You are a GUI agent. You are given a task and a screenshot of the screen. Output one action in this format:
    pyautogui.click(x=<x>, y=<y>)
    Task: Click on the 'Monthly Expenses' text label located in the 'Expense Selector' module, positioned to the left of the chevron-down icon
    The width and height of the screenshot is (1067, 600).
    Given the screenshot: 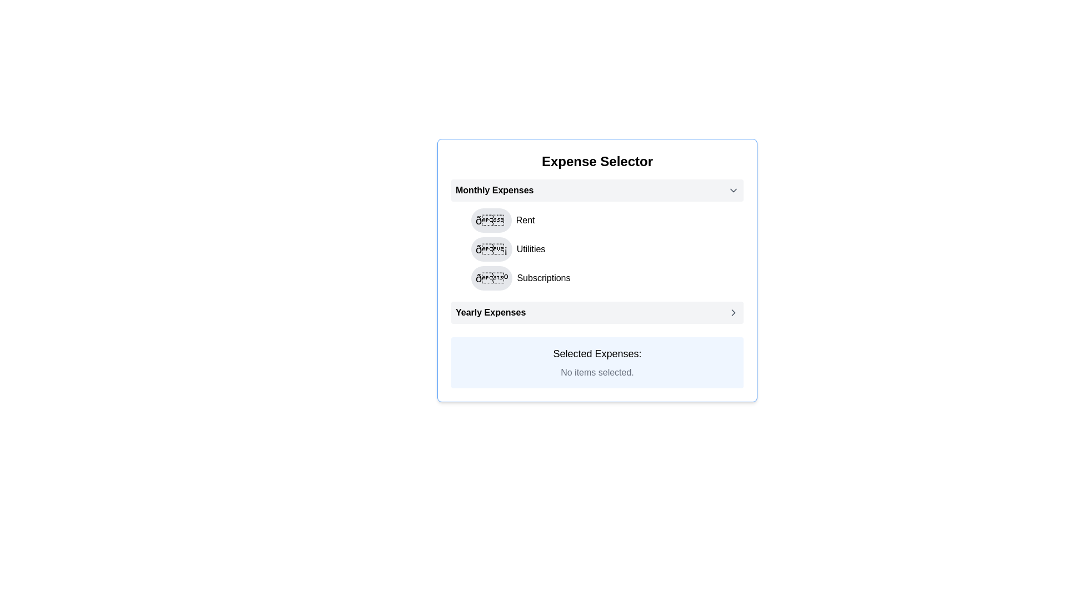 What is the action you would take?
    pyautogui.click(x=494, y=190)
    